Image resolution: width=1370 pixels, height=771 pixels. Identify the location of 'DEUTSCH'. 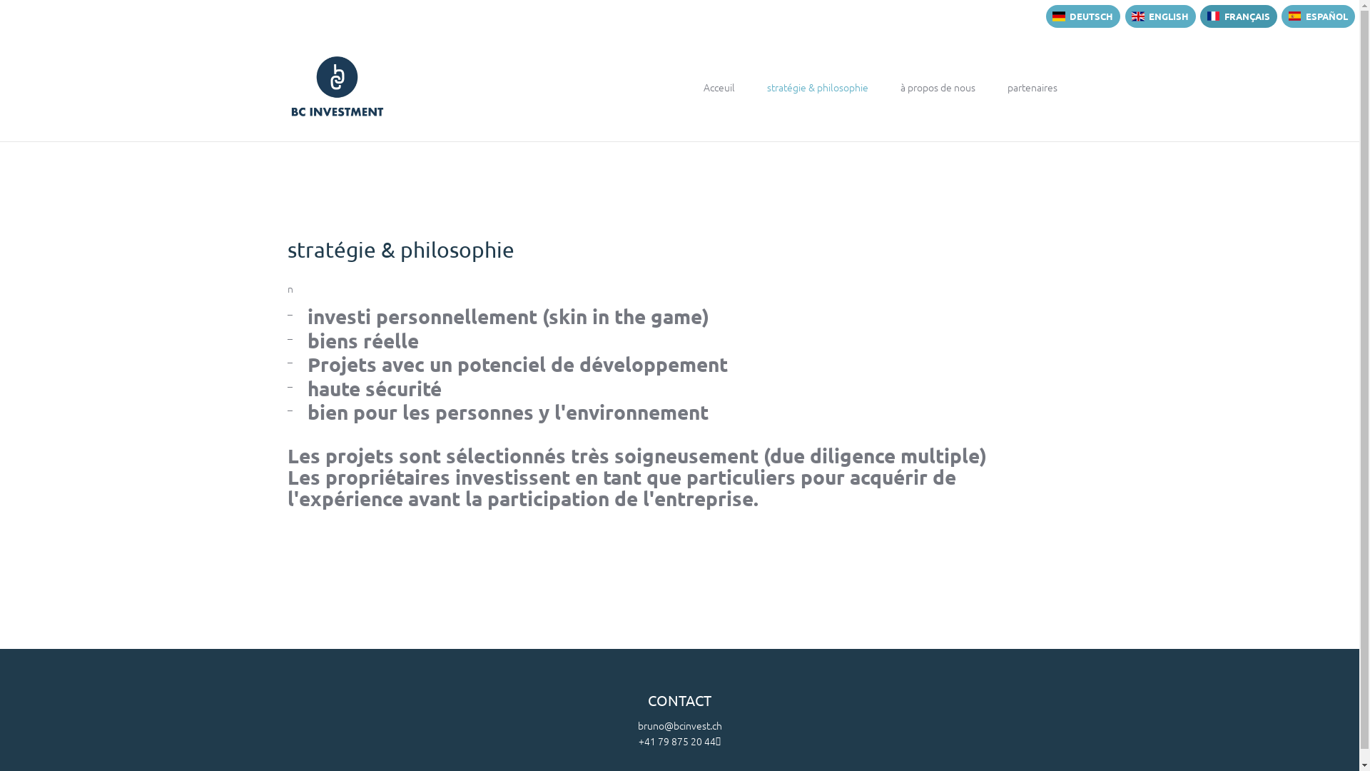
(1082, 16).